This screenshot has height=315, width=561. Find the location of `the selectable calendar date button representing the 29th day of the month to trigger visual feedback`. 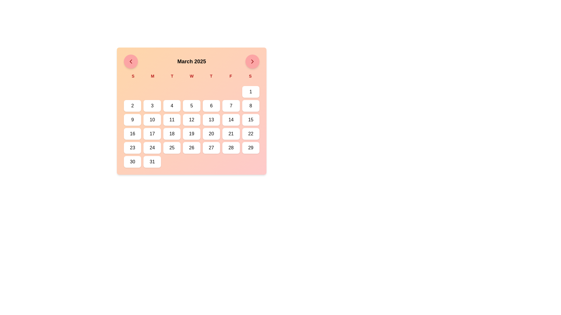

the selectable calendar date button representing the 29th day of the month to trigger visual feedback is located at coordinates (251, 147).